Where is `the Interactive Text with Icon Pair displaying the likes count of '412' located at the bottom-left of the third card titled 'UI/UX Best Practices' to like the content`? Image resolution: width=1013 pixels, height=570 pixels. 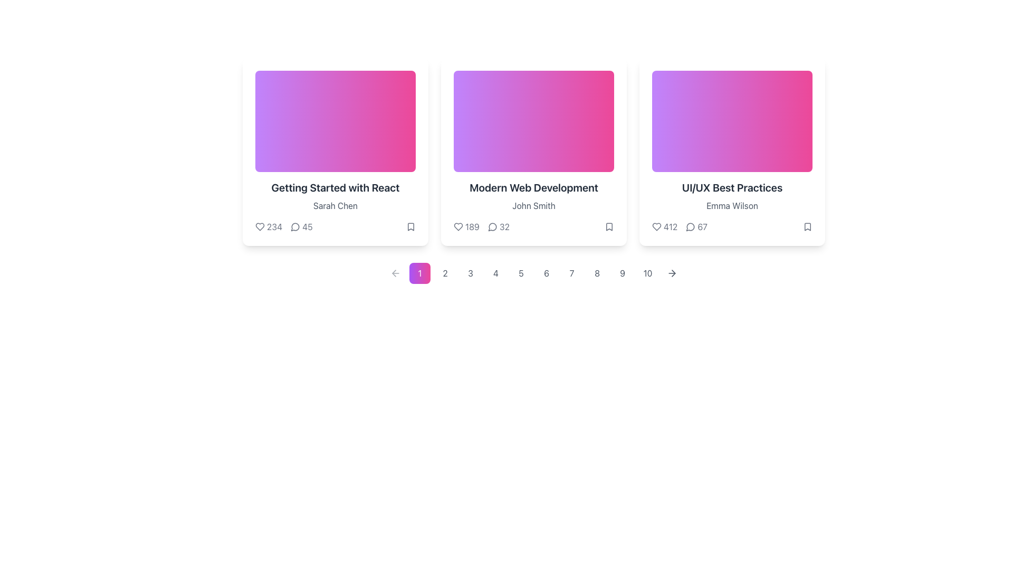
the Interactive Text with Icon Pair displaying the likes count of '412' located at the bottom-left of the third card titled 'UI/UX Best Practices' to like the content is located at coordinates (664, 226).